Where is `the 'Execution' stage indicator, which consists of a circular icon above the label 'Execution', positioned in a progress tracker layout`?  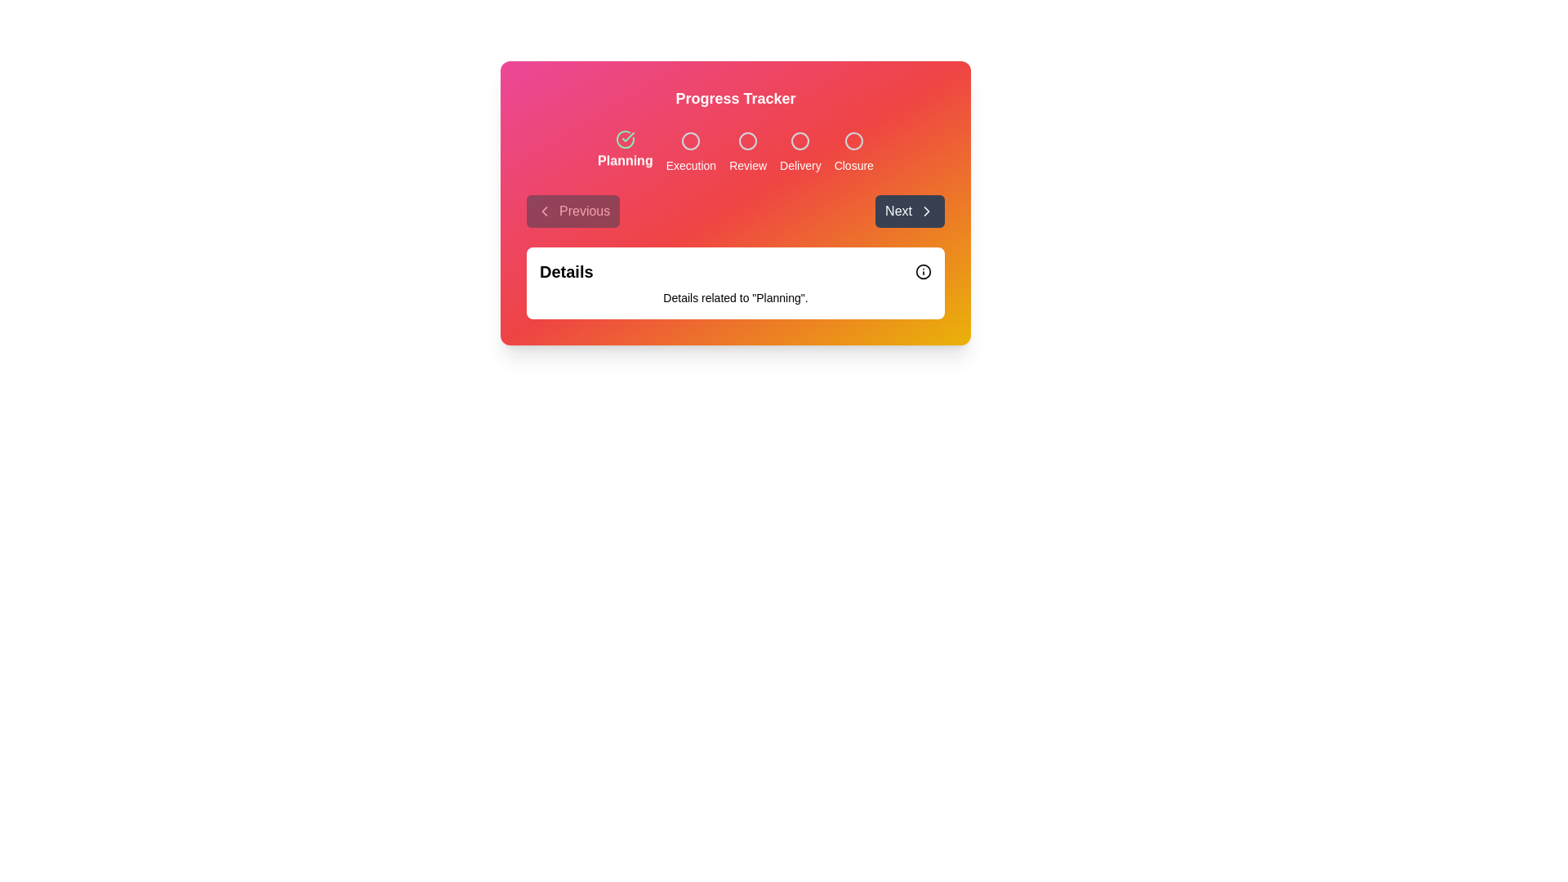 the 'Execution' stage indicator, which consists of a circular icon above the label 'Execution', positioned in a progress tracker layout is located at coordinates (691, 152).